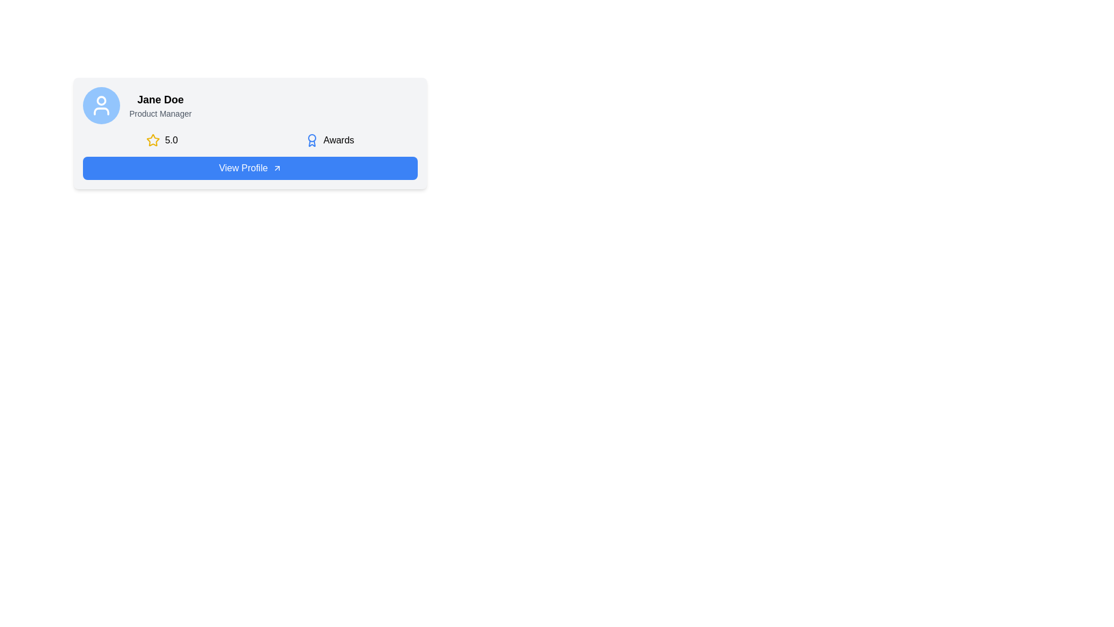 The image size is (1114, 627). Describe the element at coordinates (329, 140) in the screenshot. I see `the Label with Icon that indicates the presence of awards associated with the profile, positioned at the right end of the horizontal row next to the '5.0' rating element` at that location.